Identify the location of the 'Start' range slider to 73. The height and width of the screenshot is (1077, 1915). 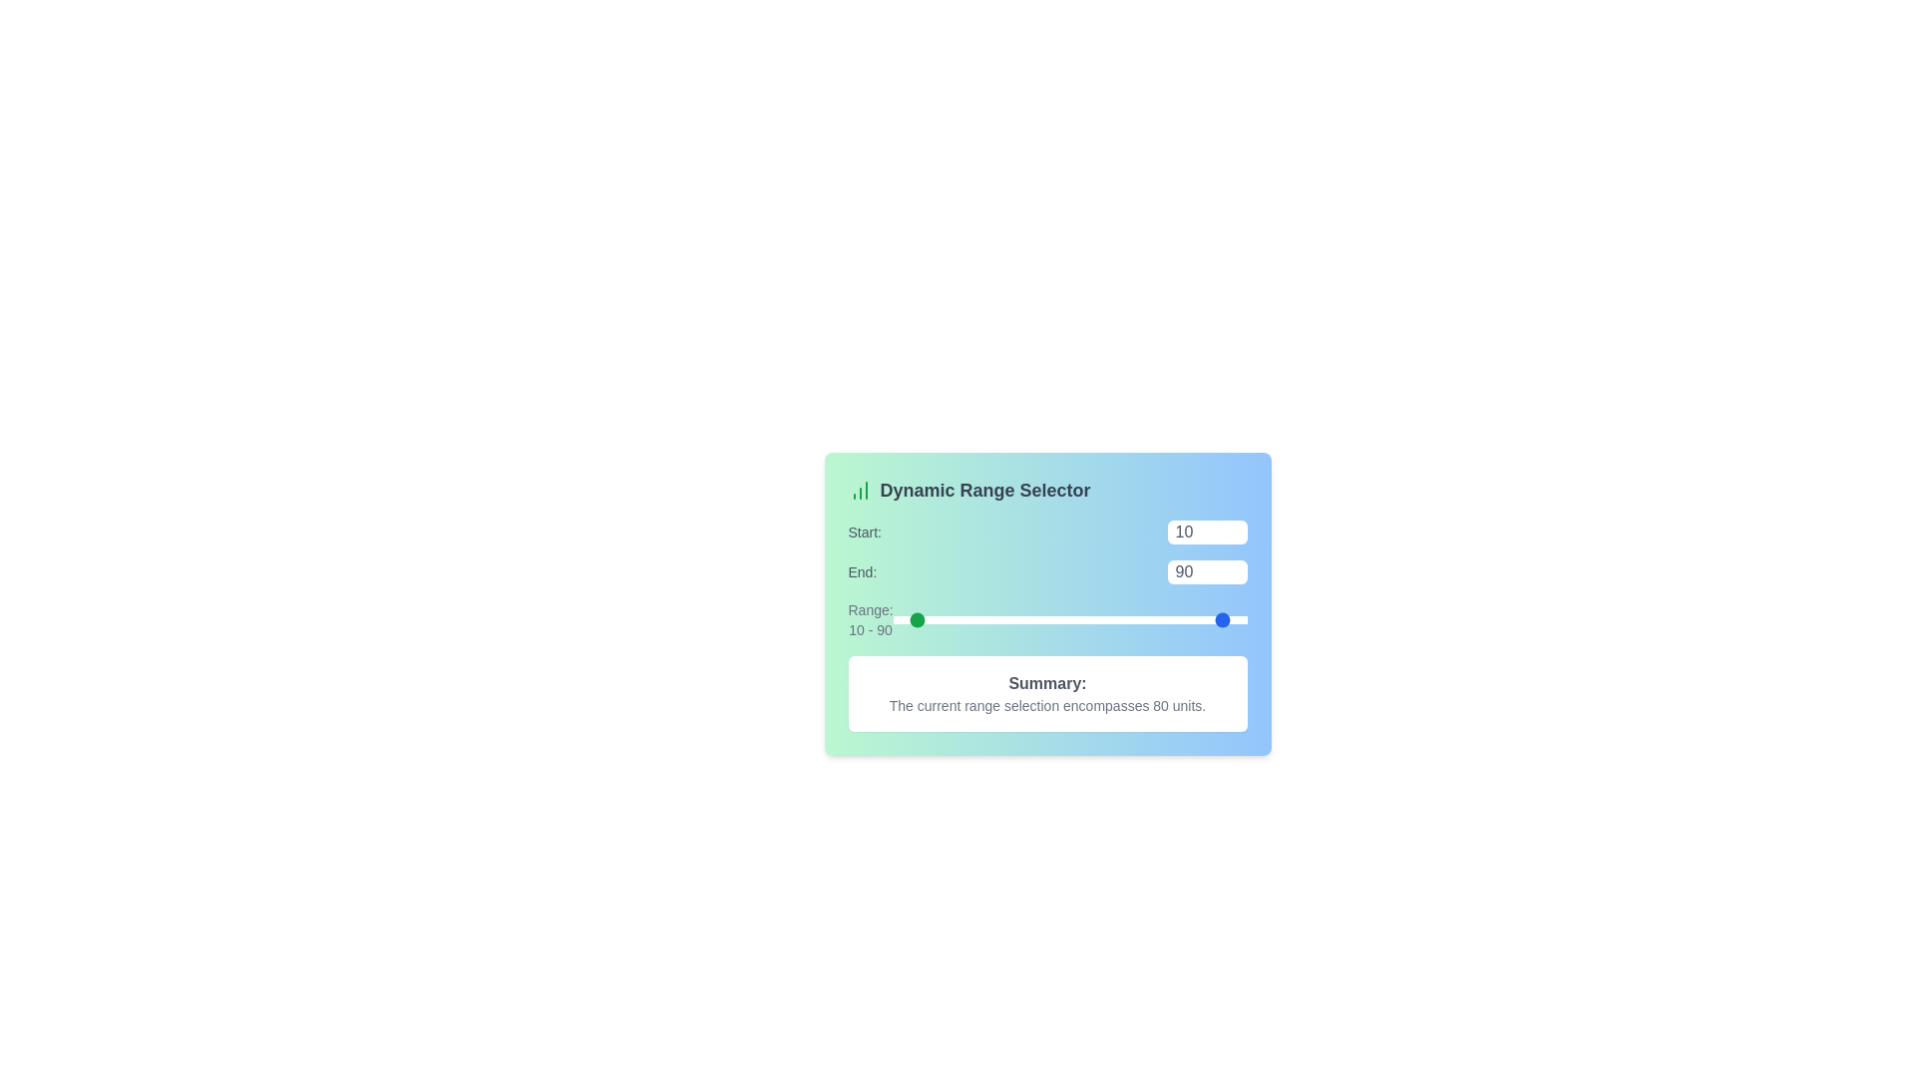
(1022, 618).